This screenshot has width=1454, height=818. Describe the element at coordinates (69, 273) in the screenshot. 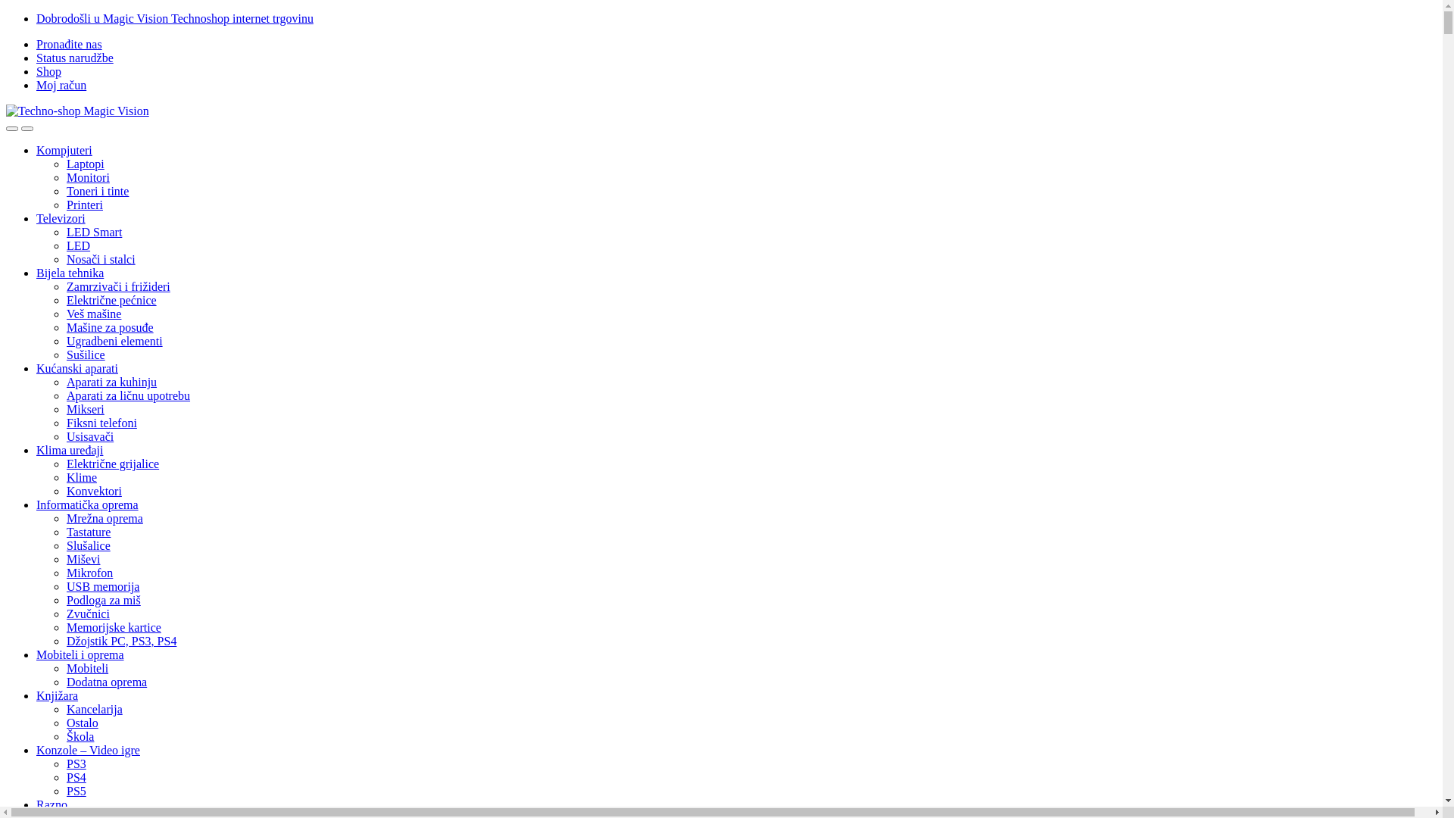

I see `'Bijela tehnika'` at that location.